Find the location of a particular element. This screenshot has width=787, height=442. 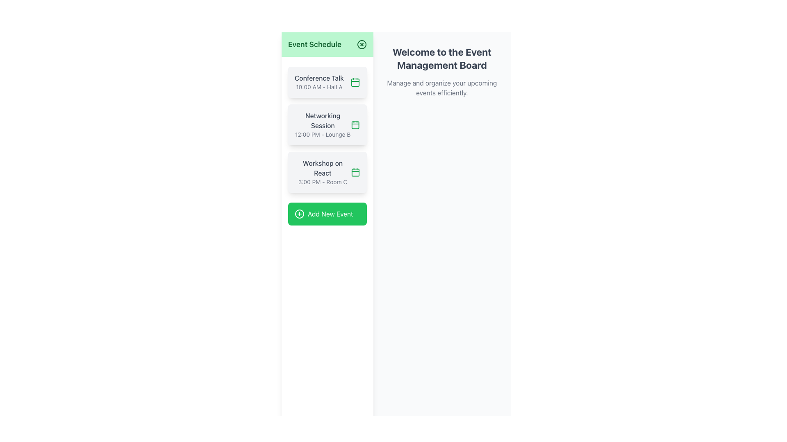

the 'Add New Event' text label which is displayed in white inside a green button located at the bottom left quadrant of the interface is located at coordinates (330, 214).